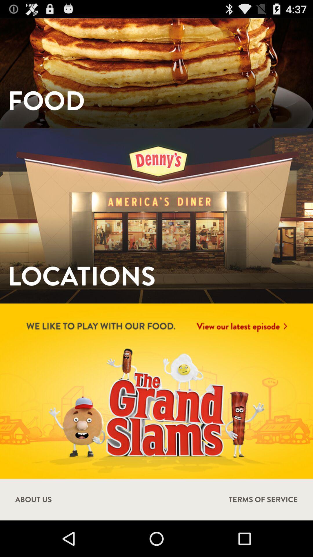 The width and height of the screenshot is (313, 557). What do you see at coordinates (263, 499) in the screenshot?
I see `terms of service` at bounding box center [263, 499].